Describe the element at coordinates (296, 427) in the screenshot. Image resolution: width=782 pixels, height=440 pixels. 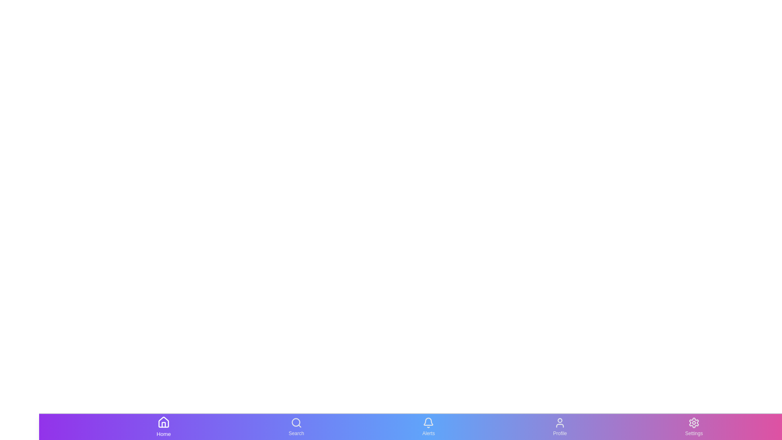
I see `the Search tab in the bottom navigation bar` at that location.